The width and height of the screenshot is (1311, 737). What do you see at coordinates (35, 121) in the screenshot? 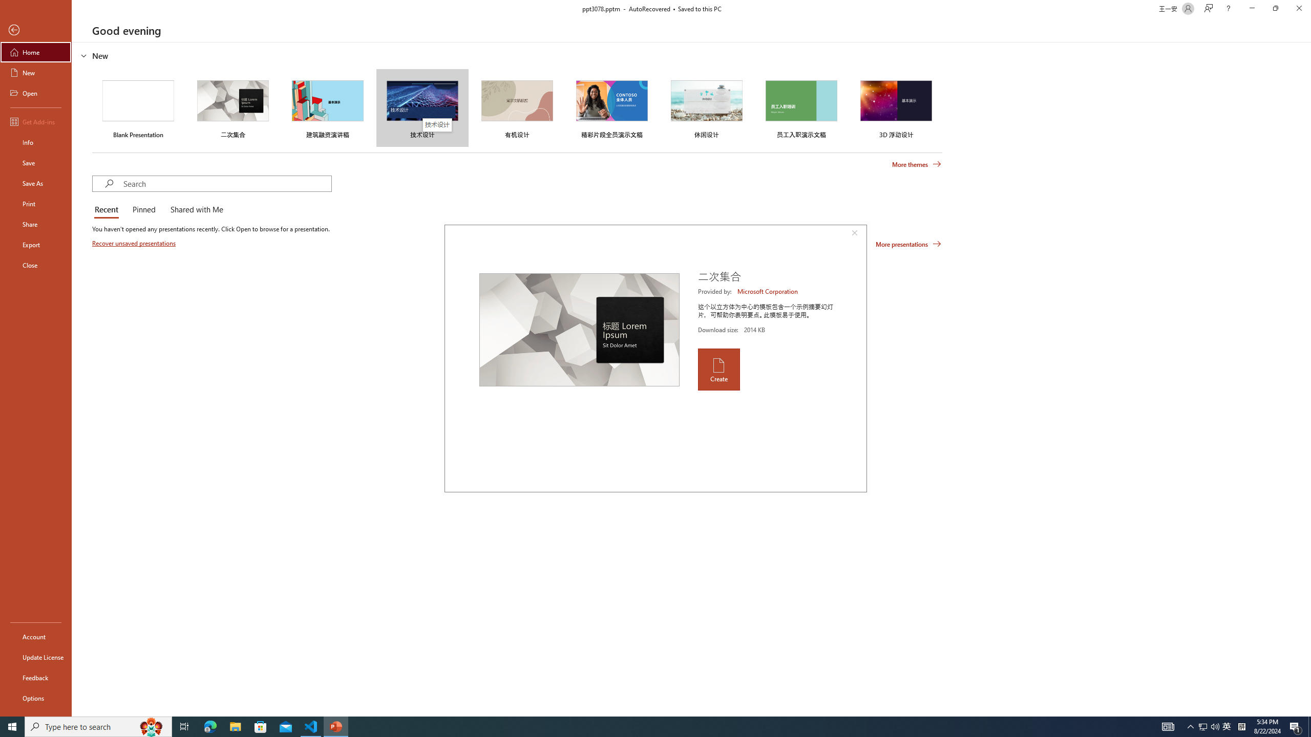
I see `'Get Add-ins'` at bounding box center [35, 121].